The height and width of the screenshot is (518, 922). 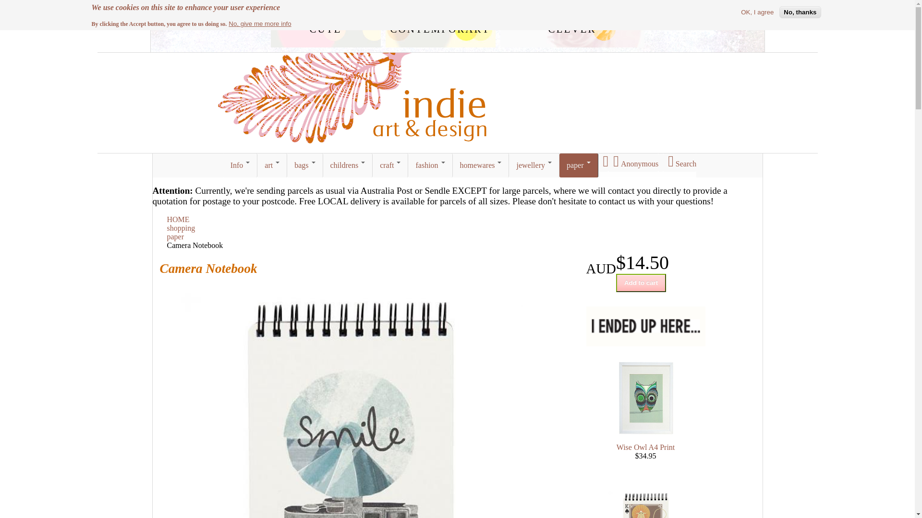 What do you see at coordinates (260, 23) in the screenshot?
I see `'No, give me more info'` at bounding box center [260, 23].